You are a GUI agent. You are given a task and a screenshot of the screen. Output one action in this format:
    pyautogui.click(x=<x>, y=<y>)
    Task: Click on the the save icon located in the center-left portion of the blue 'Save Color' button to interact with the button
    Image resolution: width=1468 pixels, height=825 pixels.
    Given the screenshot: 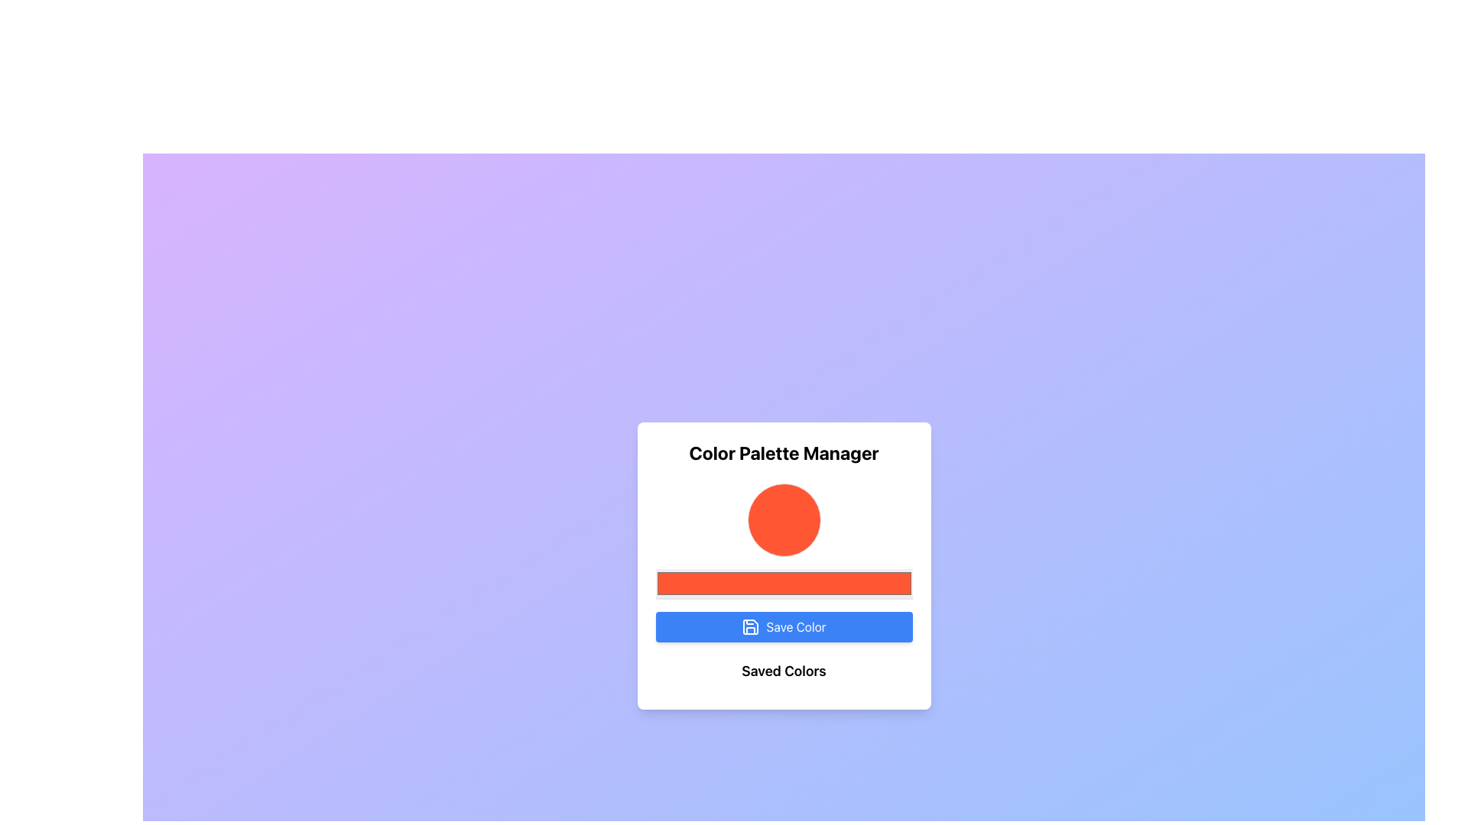 What is the action you would take?
    pyautogui.click(x=751, y=627)
    